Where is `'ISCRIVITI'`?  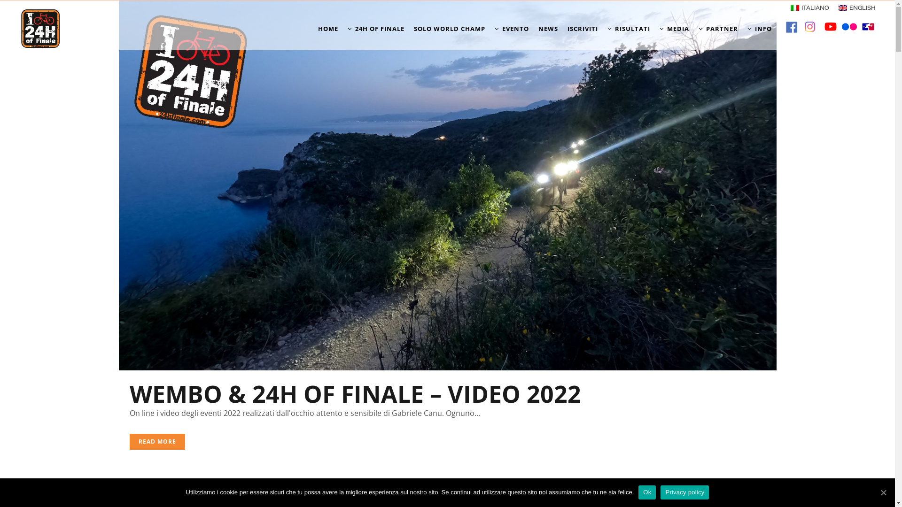 'ISCRIVITI' is located at coordinates (563, 28).